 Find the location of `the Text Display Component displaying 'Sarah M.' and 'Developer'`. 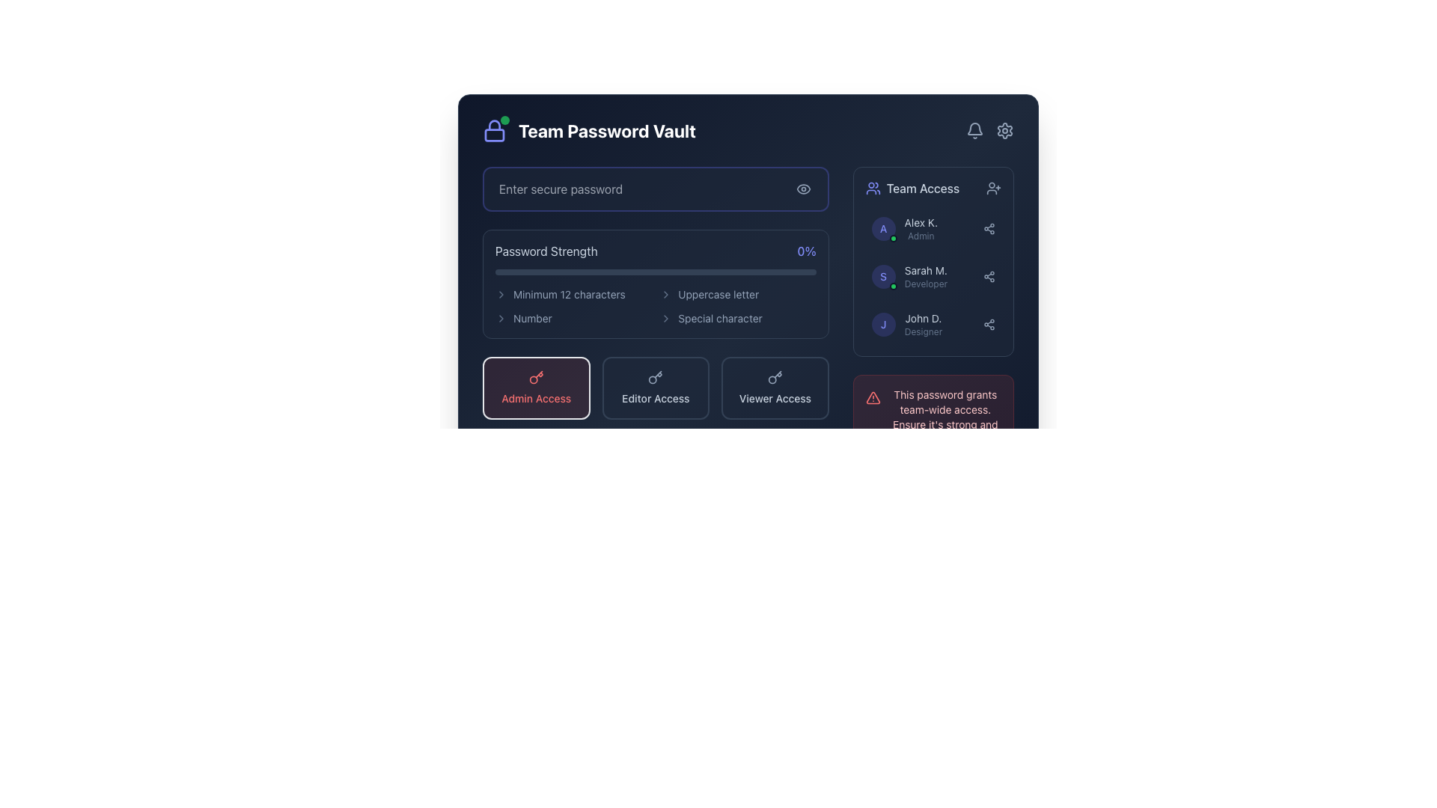

the Text Display Component displaying 'Sarah M.' and 'Developer' is located at coordinates (925, 277).